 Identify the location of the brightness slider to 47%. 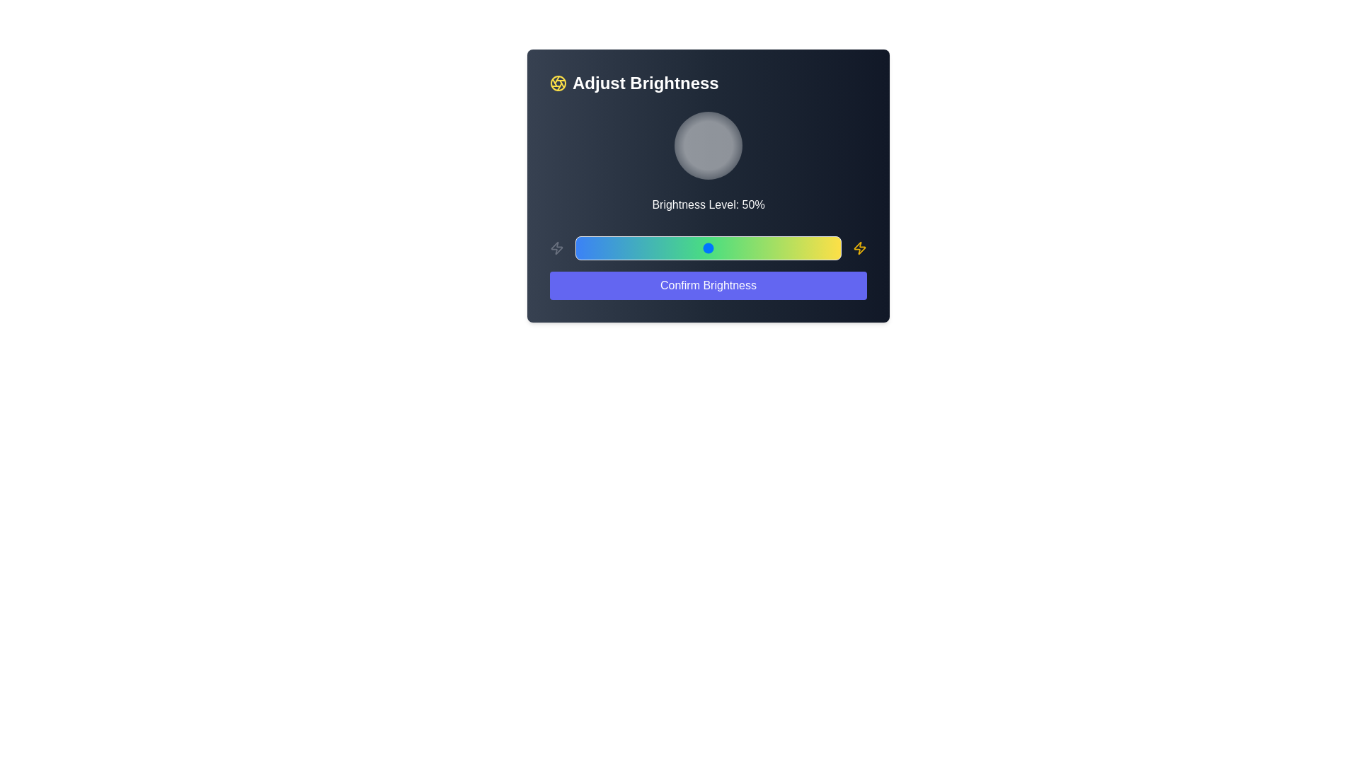
(700, 248).